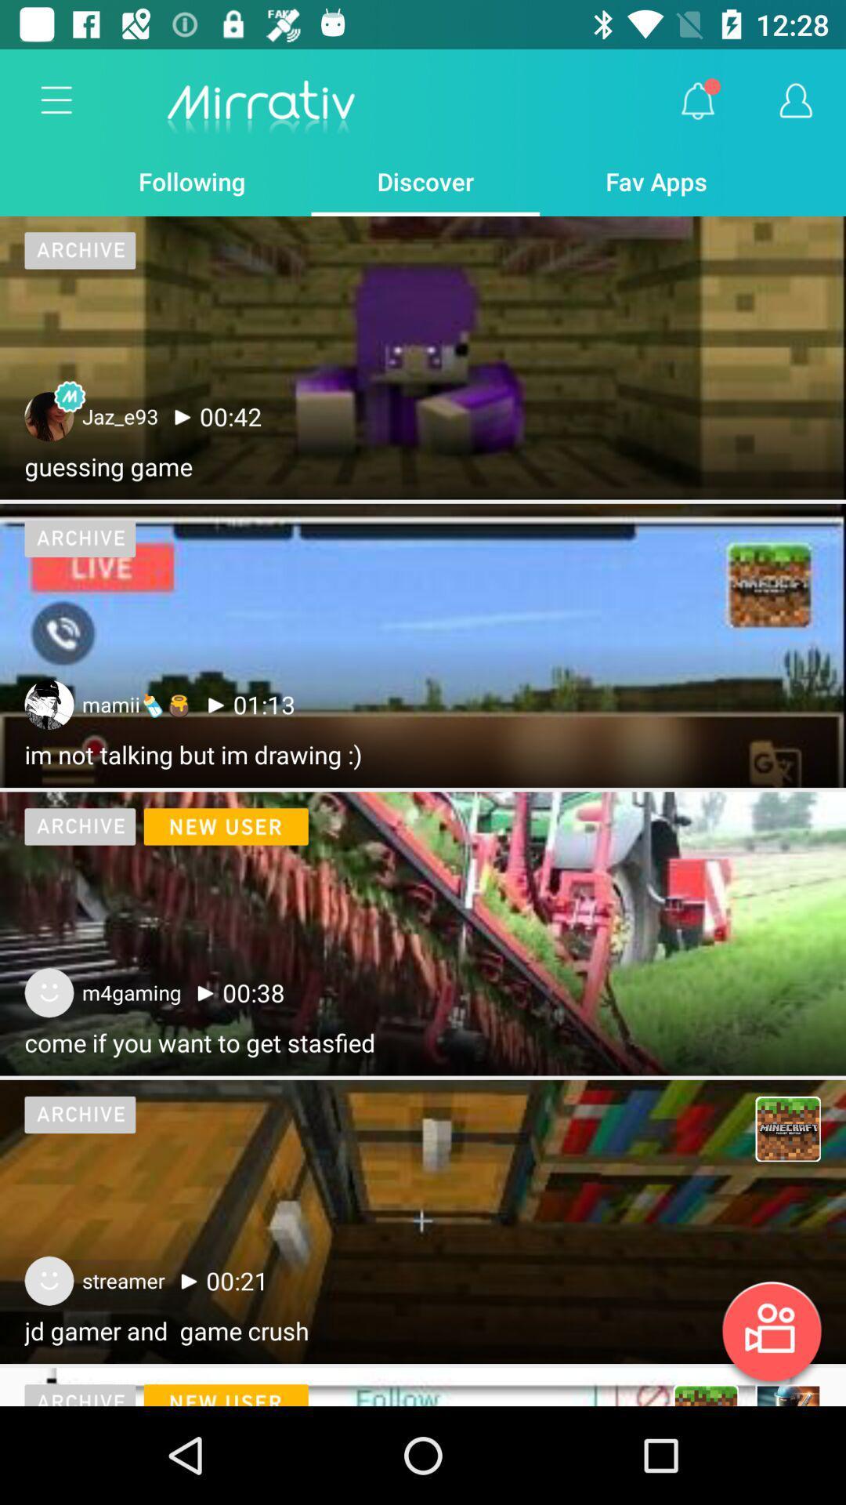 The image size is (846, 1505). What do you see at coordinates (56, 100) in the screenshot?
I see `the item next to the following item` at bounding box center [56, 100].